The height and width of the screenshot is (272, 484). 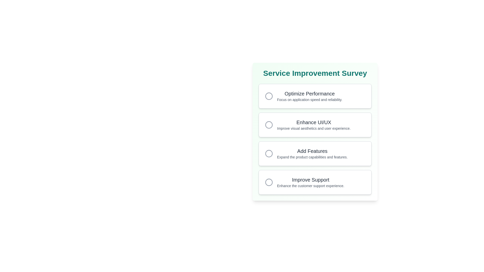 What do you see at coordinates (268, 182) in the screenshot?
I see `the circular graphical icon (circle indicator) that represents a selection point in the survey interface, located to the left of the 'Improve Support' text` at bounding box center [268, 182].